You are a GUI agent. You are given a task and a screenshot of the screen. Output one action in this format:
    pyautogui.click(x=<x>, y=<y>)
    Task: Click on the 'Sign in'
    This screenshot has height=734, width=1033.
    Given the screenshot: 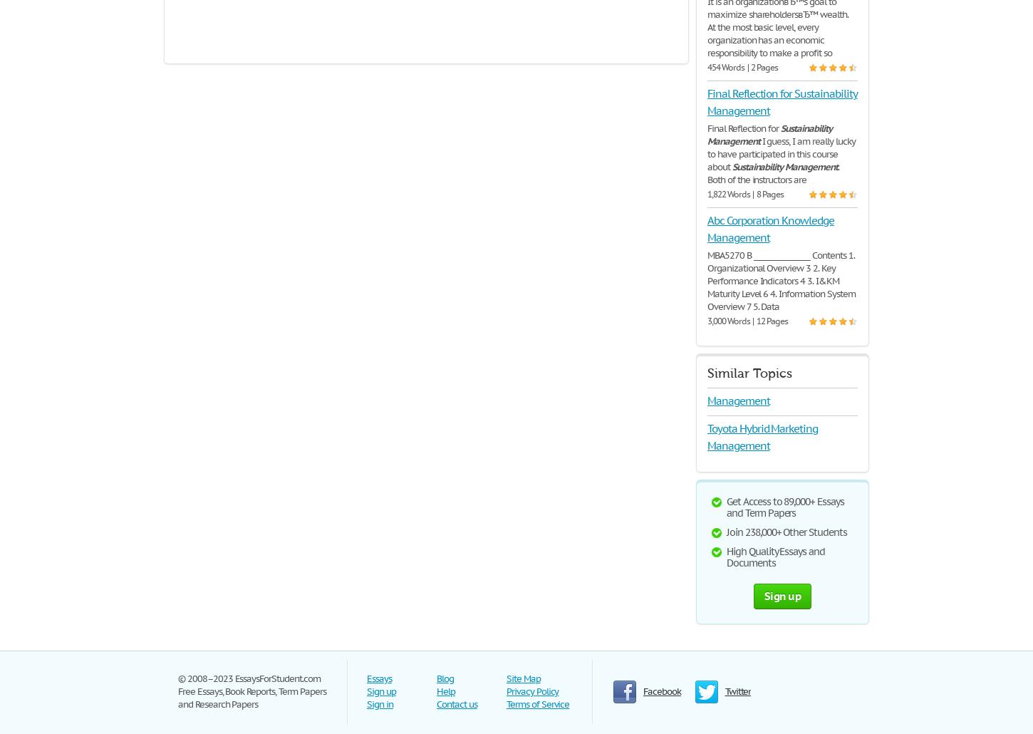 What is the action you would take?
    pyautogui.click(x=380, y=703)
    